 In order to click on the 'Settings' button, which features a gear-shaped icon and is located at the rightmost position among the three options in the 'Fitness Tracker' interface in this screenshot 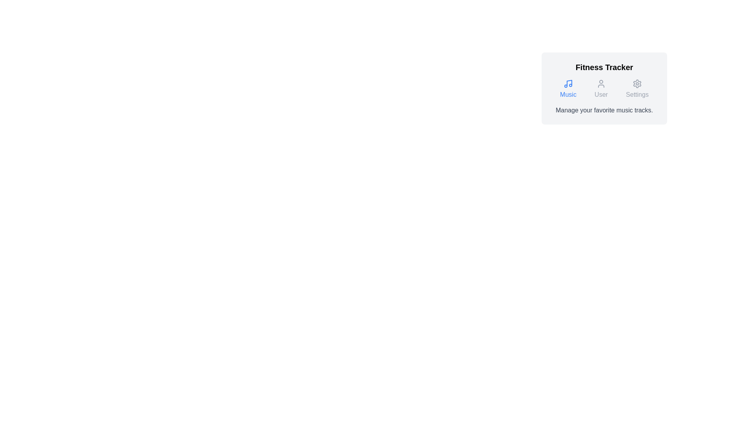, I will do `click(637, 89)`.